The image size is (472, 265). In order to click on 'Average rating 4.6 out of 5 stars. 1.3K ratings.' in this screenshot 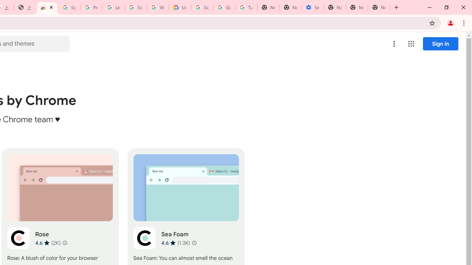, I will do `click(175, 243)`.